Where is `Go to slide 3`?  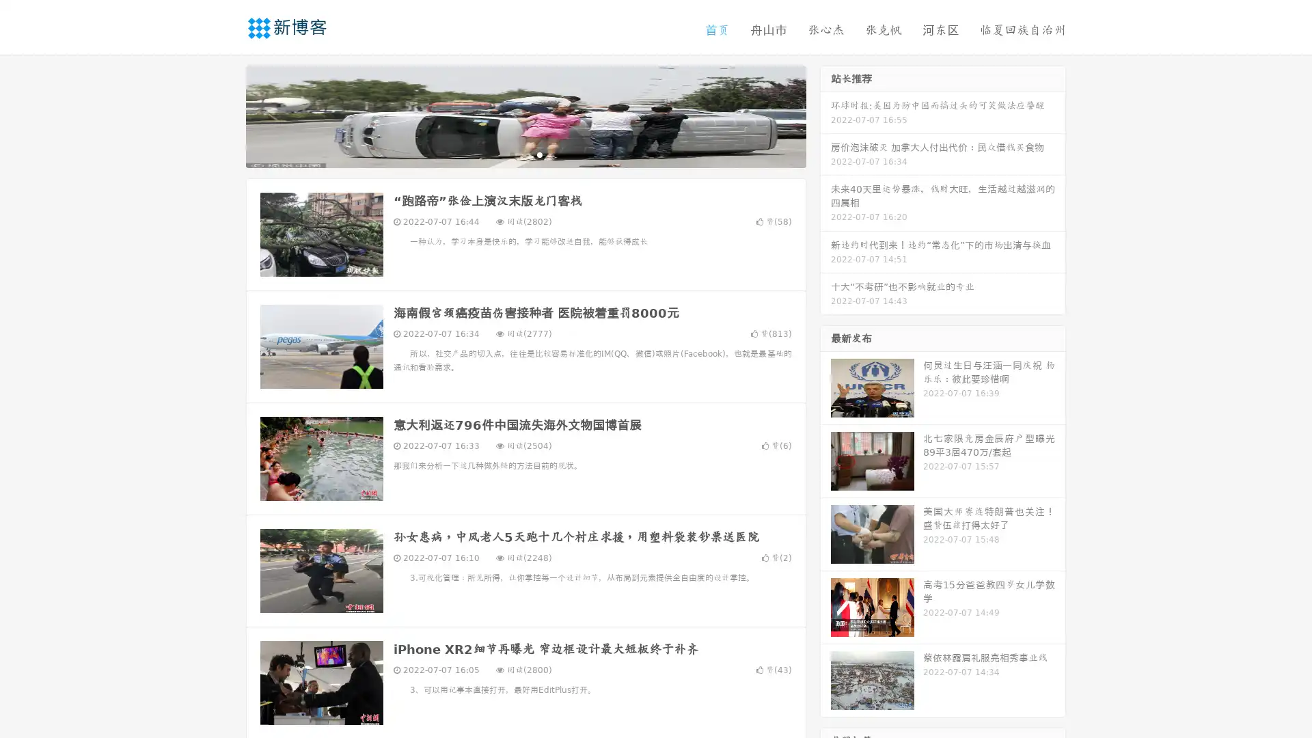
Go to slide 3 is located at coordinates (539, 154).